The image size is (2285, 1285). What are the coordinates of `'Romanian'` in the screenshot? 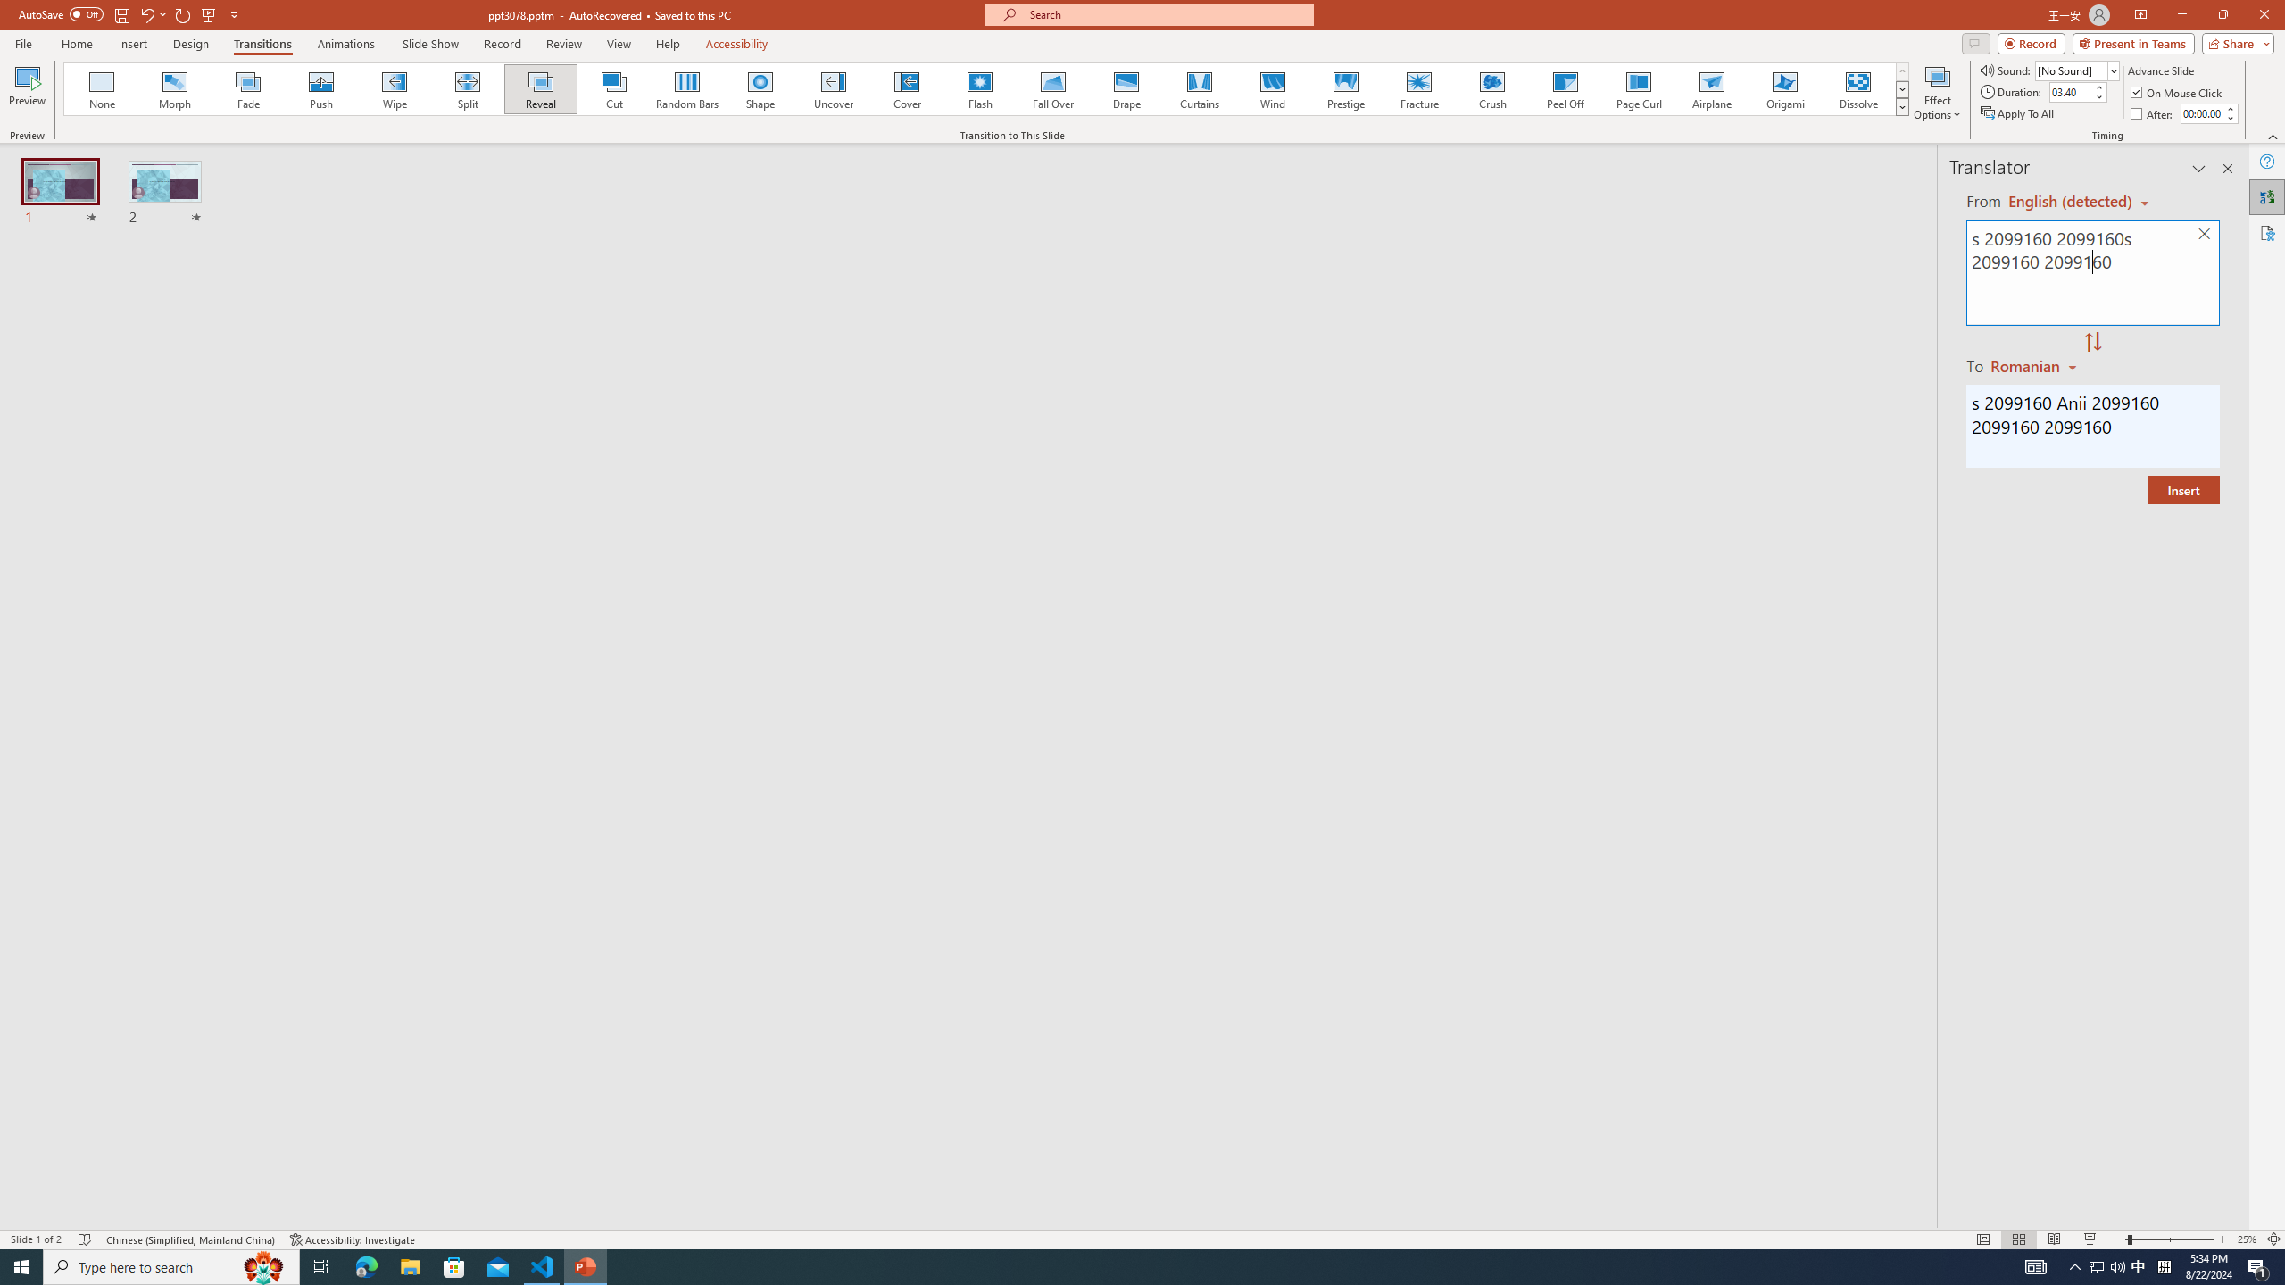 It's located at (2034, 365).